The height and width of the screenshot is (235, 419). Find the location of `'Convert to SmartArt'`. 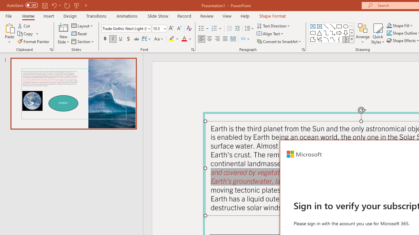

'Convert to SmartArt' is located at coordinates (279, 41).